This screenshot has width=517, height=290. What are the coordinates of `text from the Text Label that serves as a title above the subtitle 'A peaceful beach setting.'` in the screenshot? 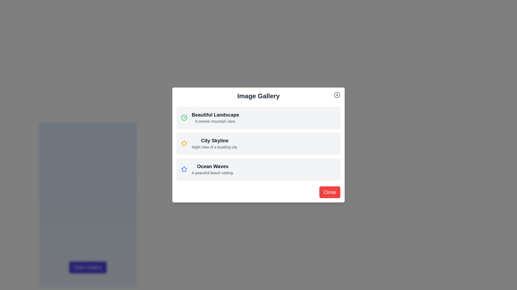 It's located at (212, 166).